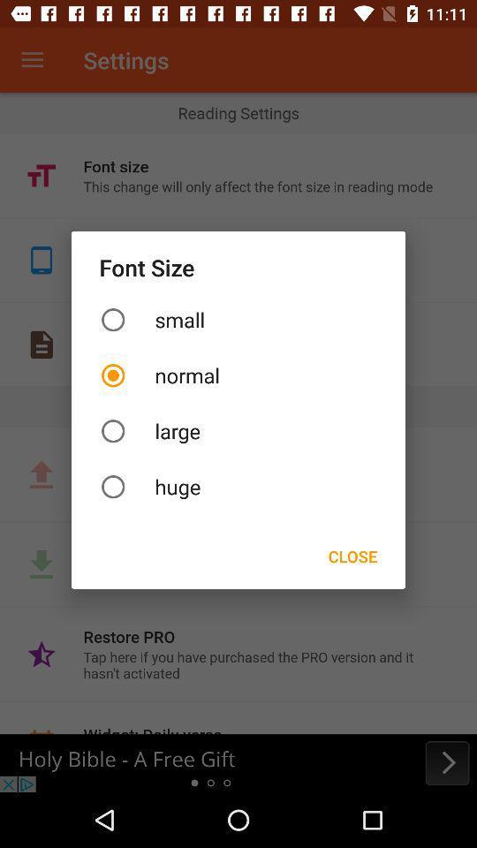 This screenshot has height=848, width=477. What do you see at coordinates (238, 375) in the screenshot?
I see `item above large` at bounding box center [238, 375].